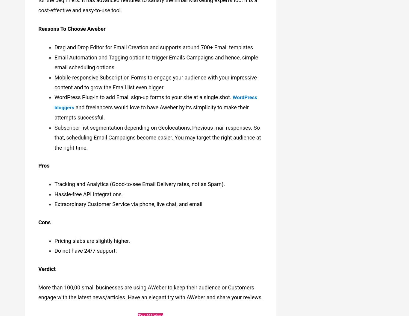 This screenshot has height=316, width=409. What do you see at coordinates (157, 134) in the screenshot?
I see `'Subscriber list segmentation depending on Geolocations, Previous mail responses. So that, scheduling Email Campaigns become easier. You may target the right audience at the right time.'` at bounding box center [157, 134].